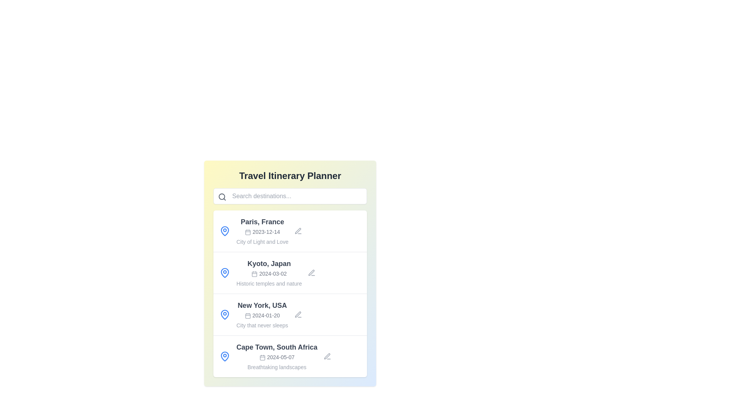  I want to click on the blue map pin icon representing the location for 'Cape Town, South Africa', so click(224, 356).